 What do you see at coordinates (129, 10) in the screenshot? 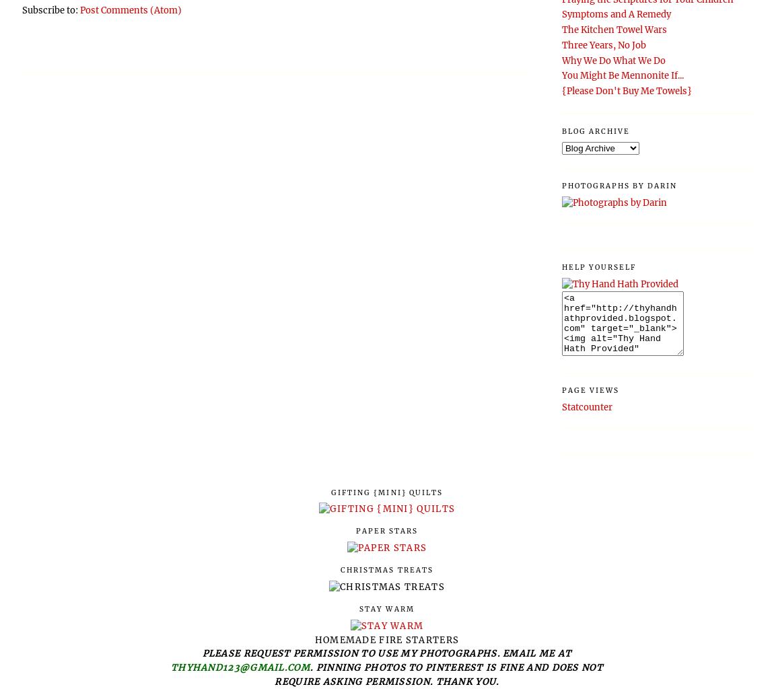
I see `'Post Comments (Atom)'` at bounding box center [129, 10].